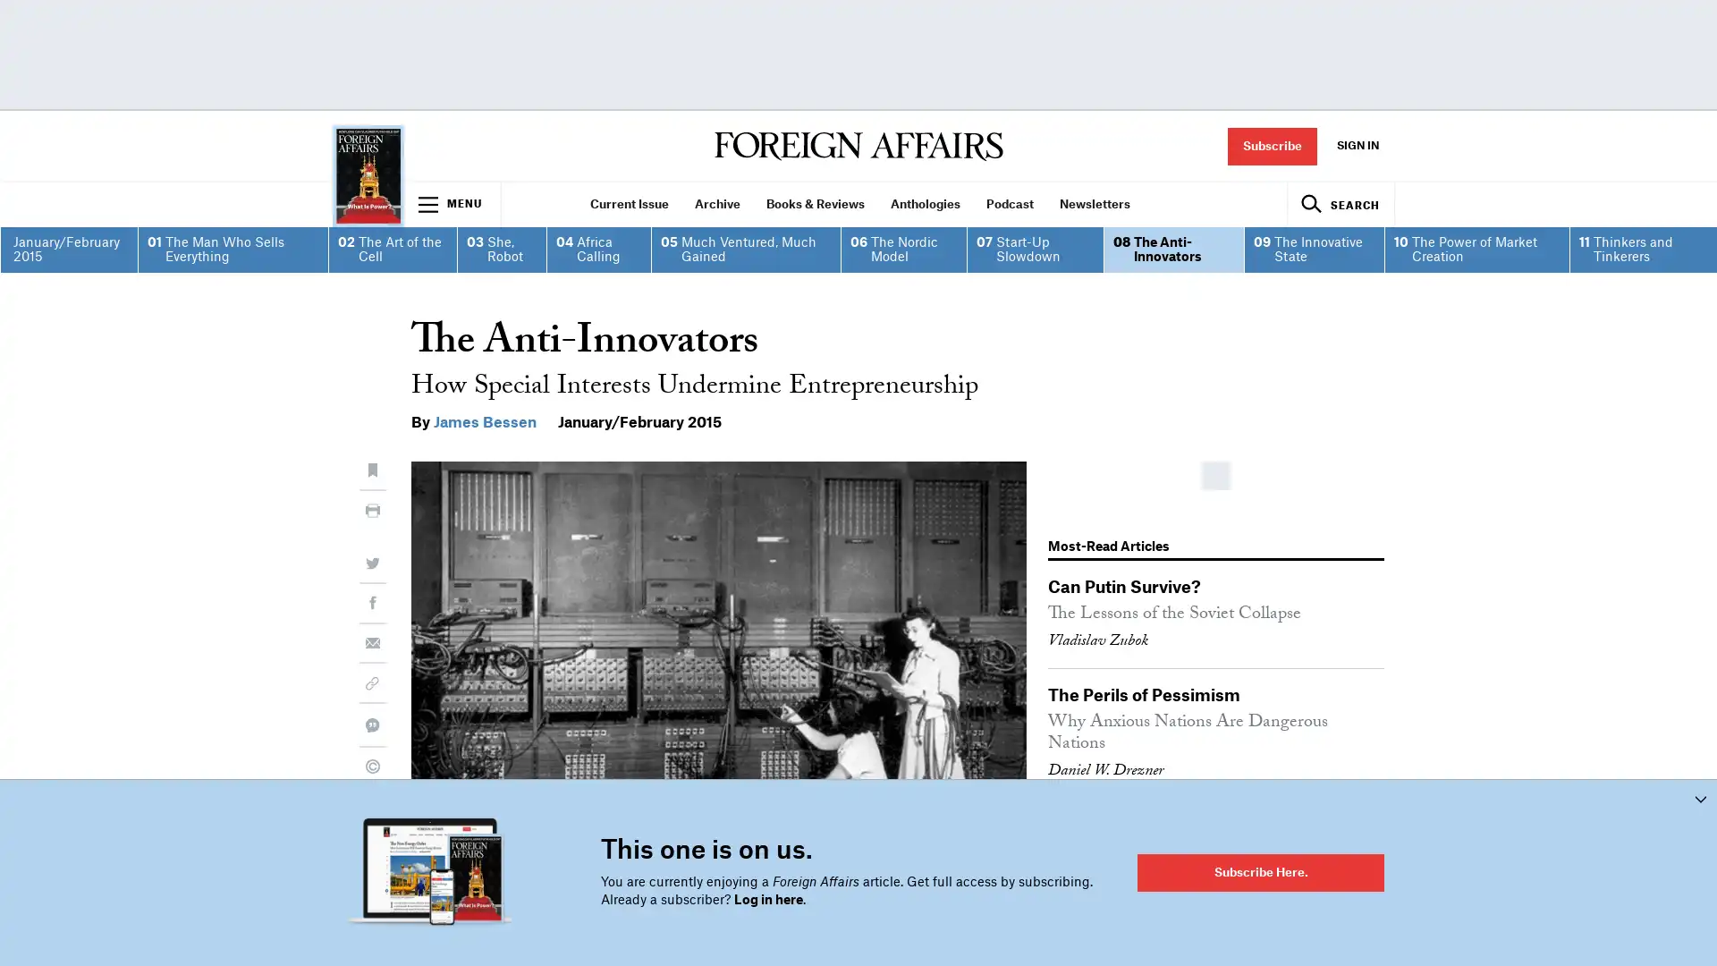 The height and width of the screenshot is (966, 1717). What do you see at coordinates (629, 203) in the screenshot?
I see `Current Issue` at bounding box center [629, 203].